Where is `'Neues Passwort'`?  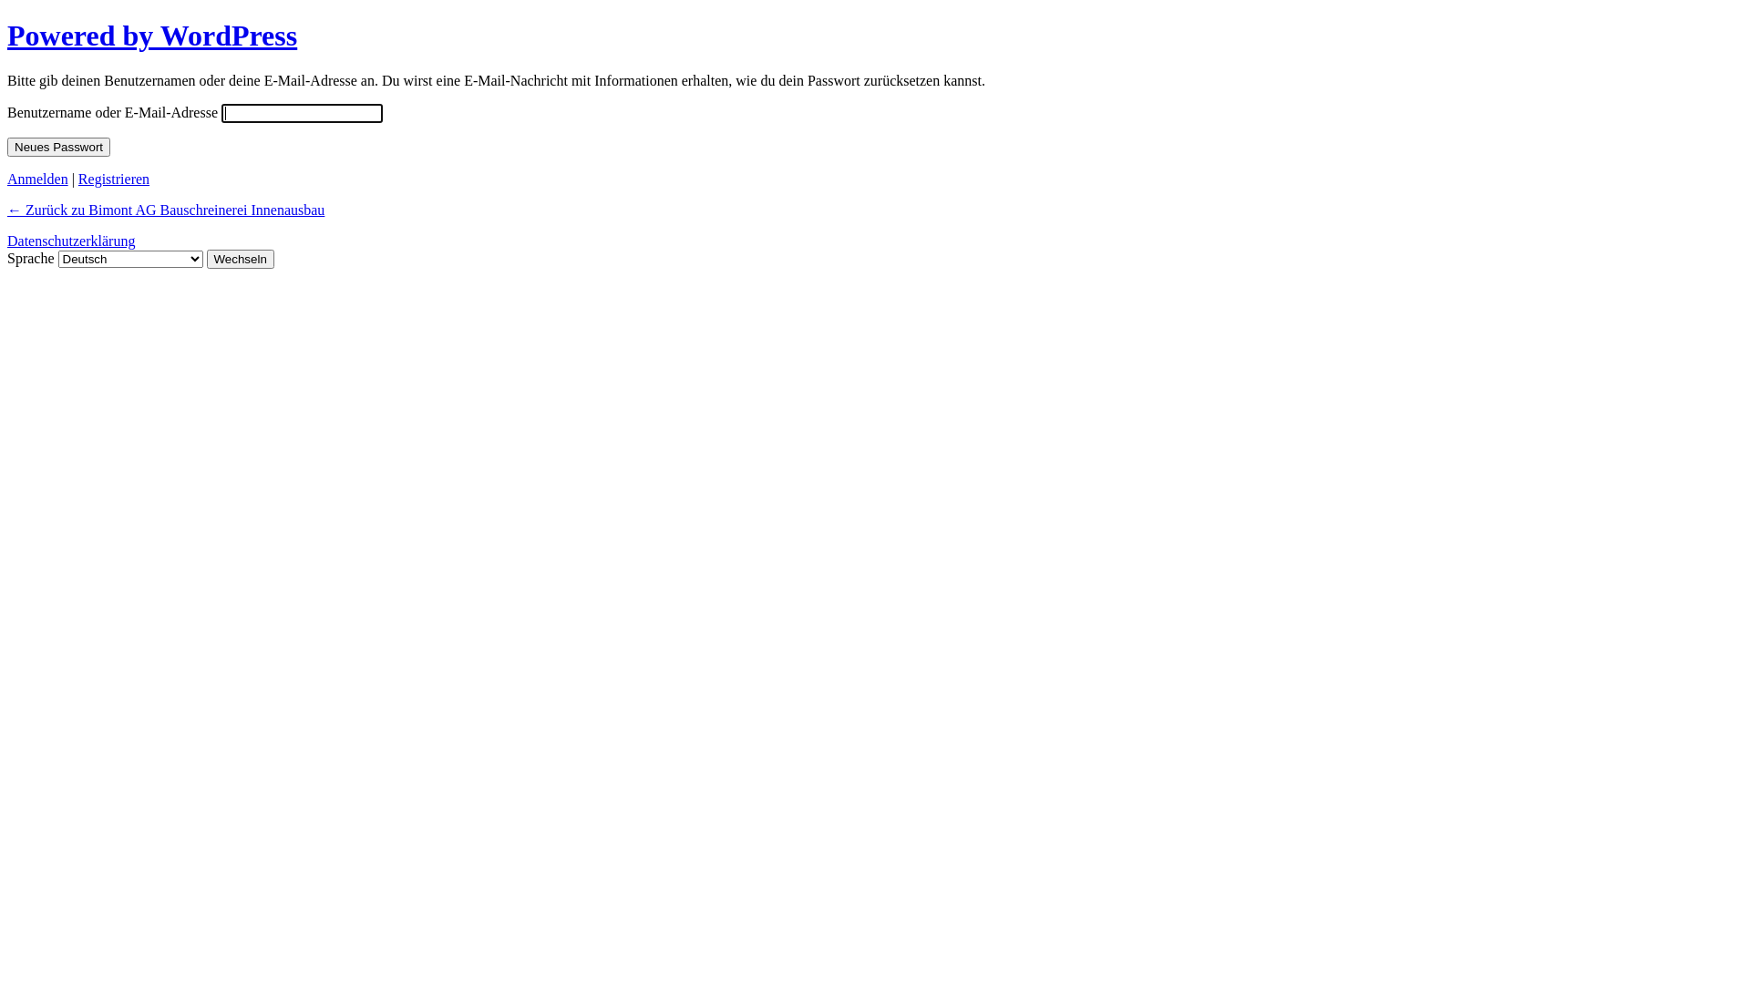
'Neues Passwort' is located at coordinates (58, 146).